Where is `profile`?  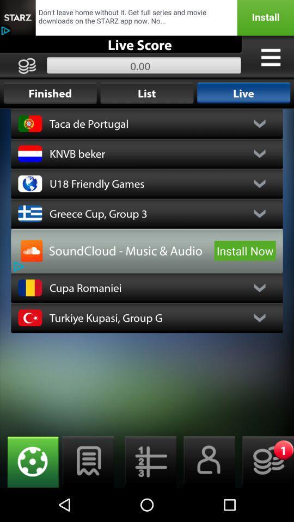
profile is located at coordinates (206, 461).